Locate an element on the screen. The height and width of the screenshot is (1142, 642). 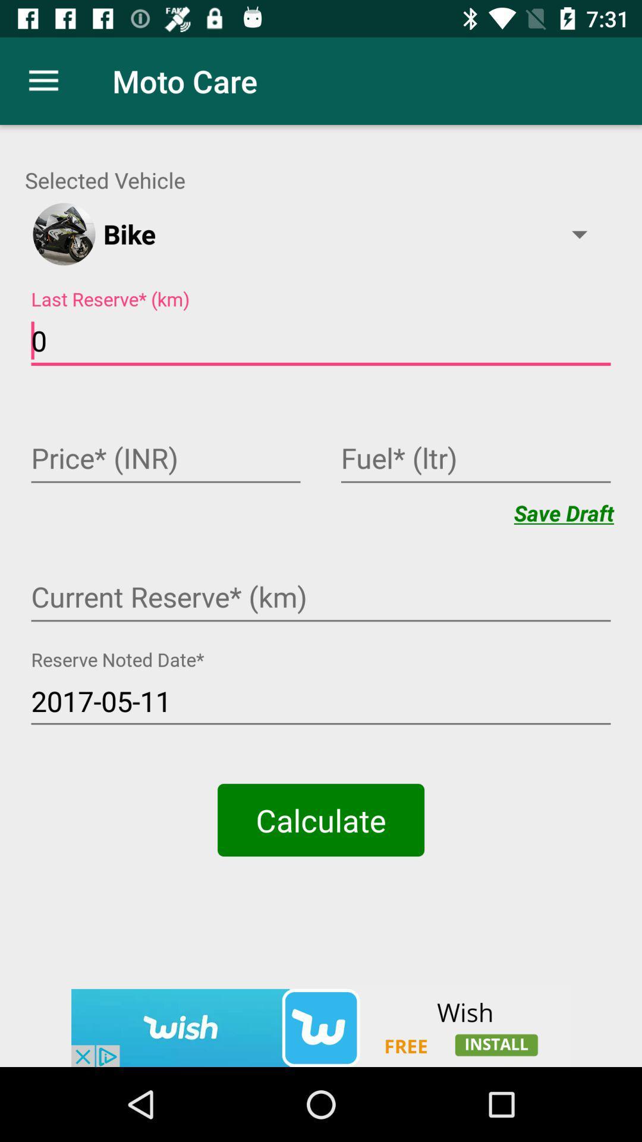
the current reserve field is located at coordinates (321, 598).